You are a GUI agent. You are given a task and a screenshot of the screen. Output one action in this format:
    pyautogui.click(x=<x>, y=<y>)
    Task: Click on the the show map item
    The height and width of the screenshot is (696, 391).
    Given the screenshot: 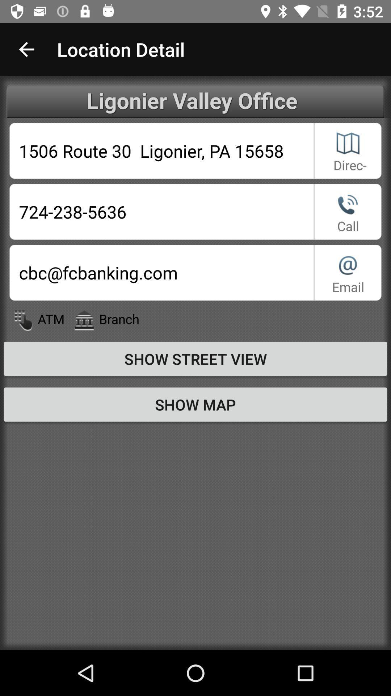 What is the action you would take?
    pyautogui.click(x=195, y=404)
    